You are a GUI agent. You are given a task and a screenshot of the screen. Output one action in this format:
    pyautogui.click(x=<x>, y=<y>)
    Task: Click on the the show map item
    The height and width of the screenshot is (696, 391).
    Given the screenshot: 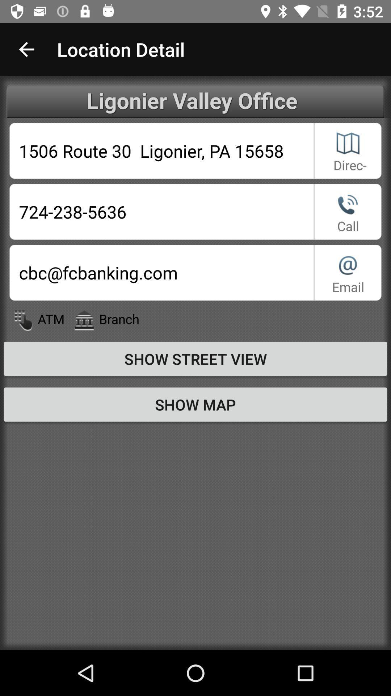 What is the action you would take?
    pyautogui.click(x=195, y=404)
    